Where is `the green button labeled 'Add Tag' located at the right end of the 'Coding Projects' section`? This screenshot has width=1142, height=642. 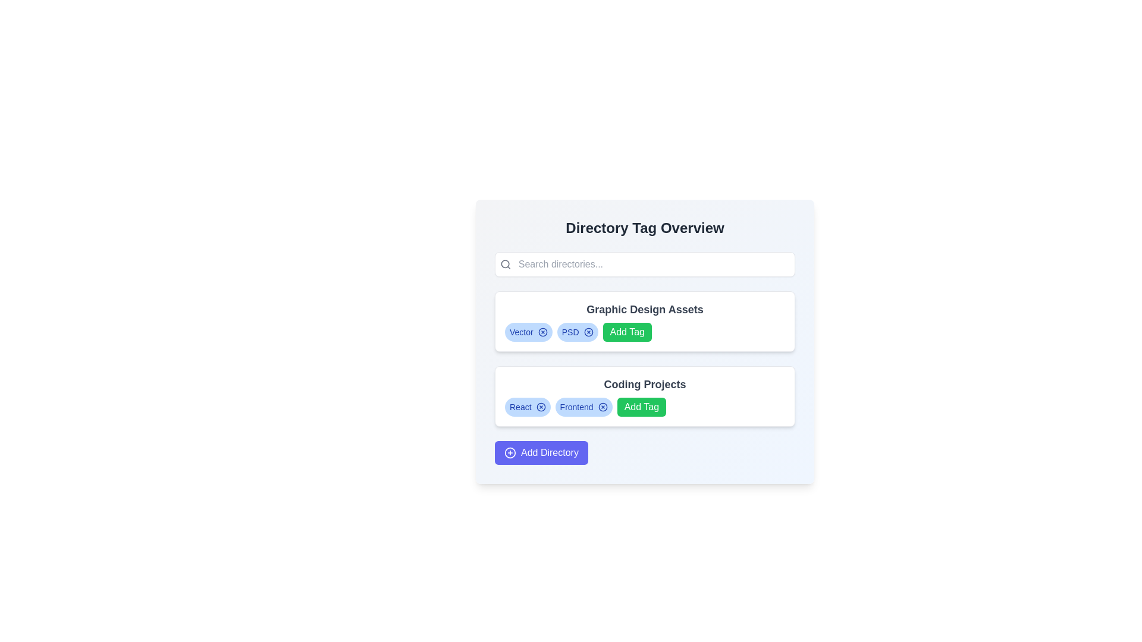
the green button labeled 'Add Tag' located at the right end of the 'Coding Projects' section is located at coordinates (644, 407).